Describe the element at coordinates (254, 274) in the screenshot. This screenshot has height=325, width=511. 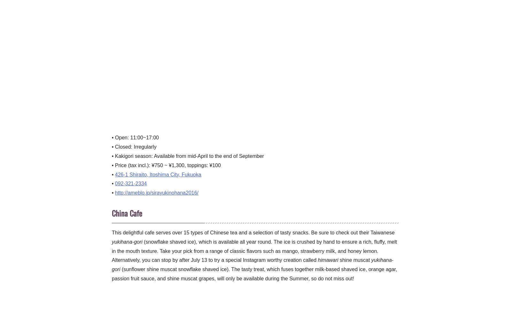
I see `'(sunflower shine muscat snowflake shaved ice). The tasty treat, which fuses together milk-based shaved ice, orange agar, passion fruit sauce, and shine muscat grapes, will only be available during the Summer, so do not miss out!'` at that location.